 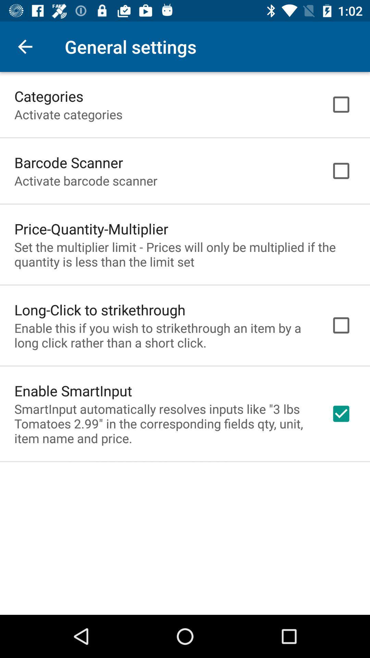 What do you see at coordinates (185, 254) in the screenshot?
I see `the set the multiplier icon` at bounding box center [185, 254].